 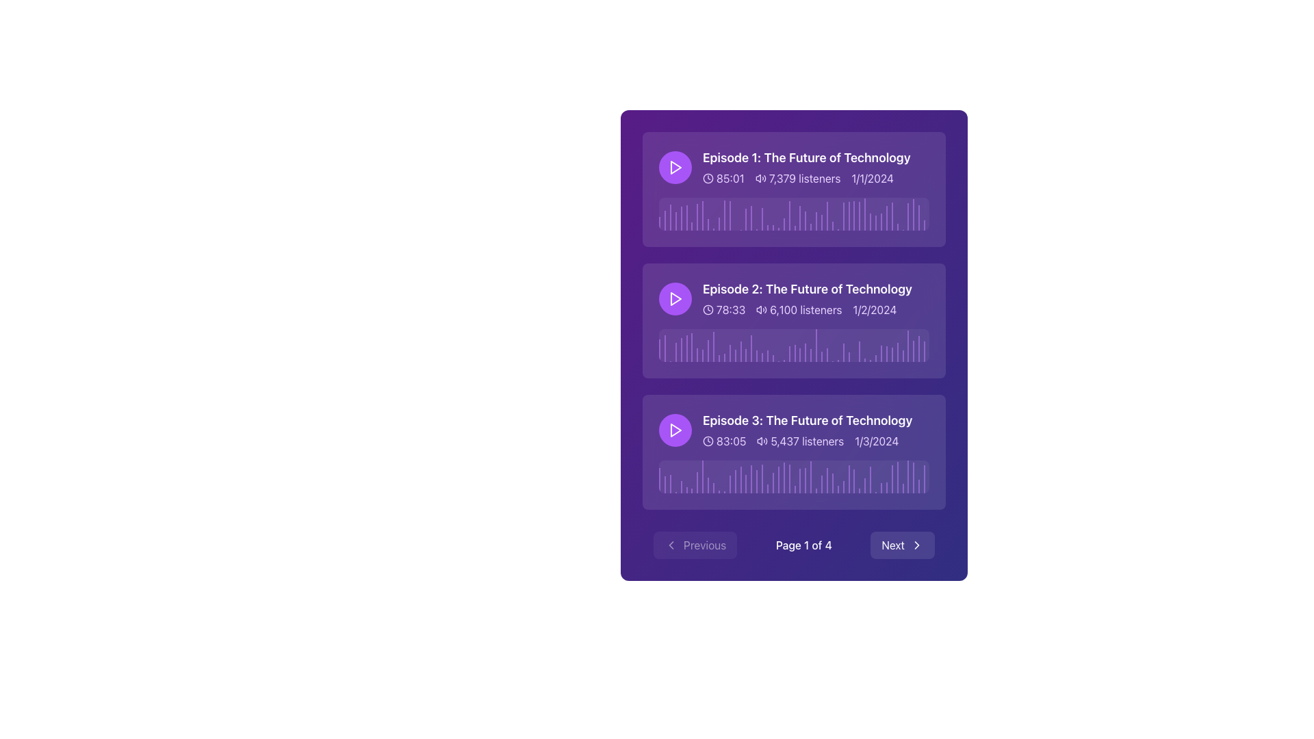 I want to click on the Progress marker or waveform bar representing a specific point in the audio waveform visualization, which is positioned under 'Episode 1: The Future of Technology', so click(x=697, y=216).